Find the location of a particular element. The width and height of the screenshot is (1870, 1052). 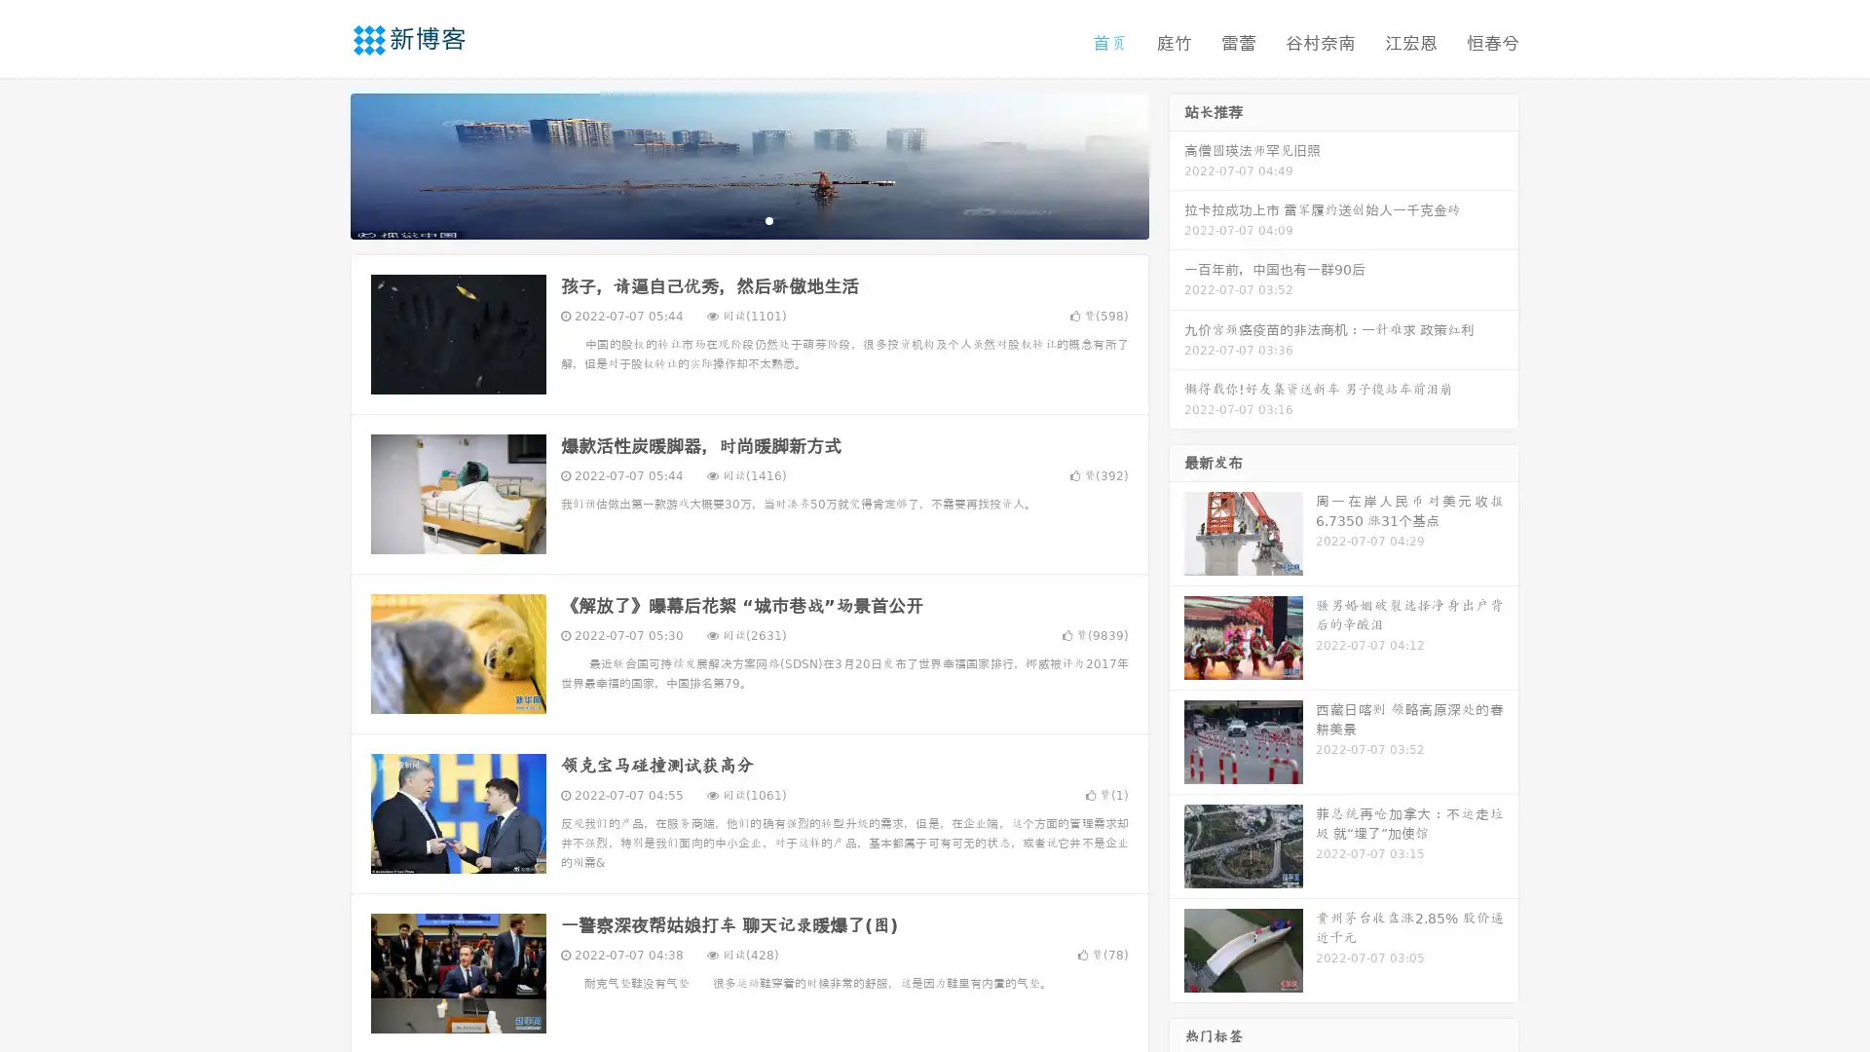

Go to slide 1 is located at coordinates (729, 219).